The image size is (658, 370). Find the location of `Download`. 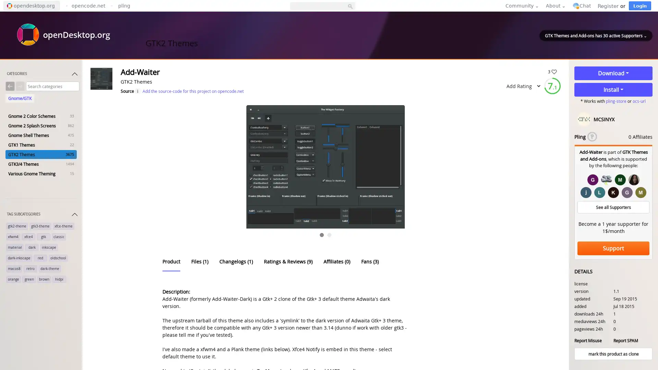

Download is located at coordinates (613, 73).